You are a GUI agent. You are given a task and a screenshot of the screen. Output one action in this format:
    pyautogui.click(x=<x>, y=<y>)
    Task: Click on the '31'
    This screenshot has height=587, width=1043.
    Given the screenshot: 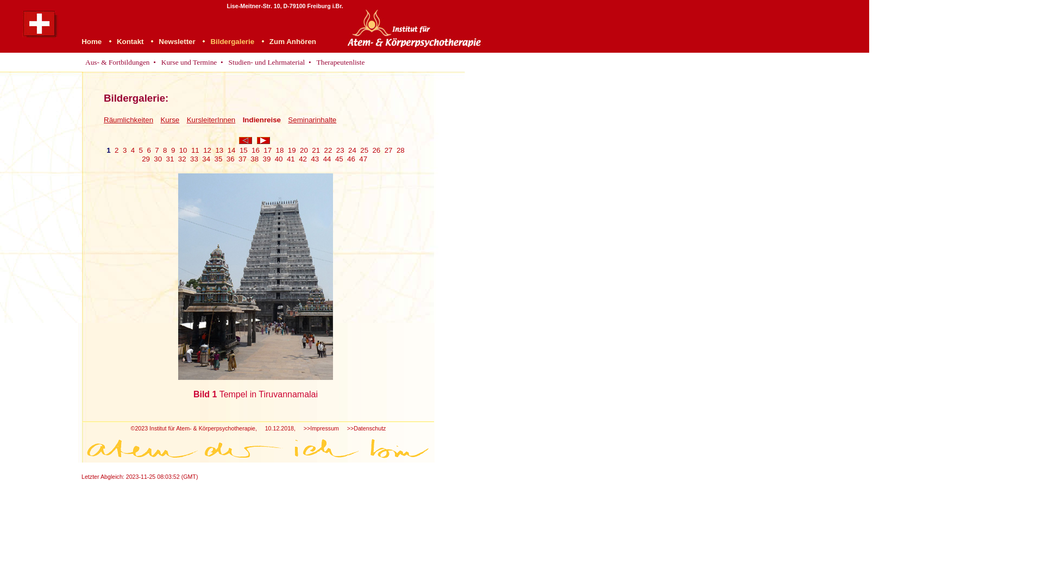 What is the action you would take?
    pyautogui.click(x=169, y=159)
    